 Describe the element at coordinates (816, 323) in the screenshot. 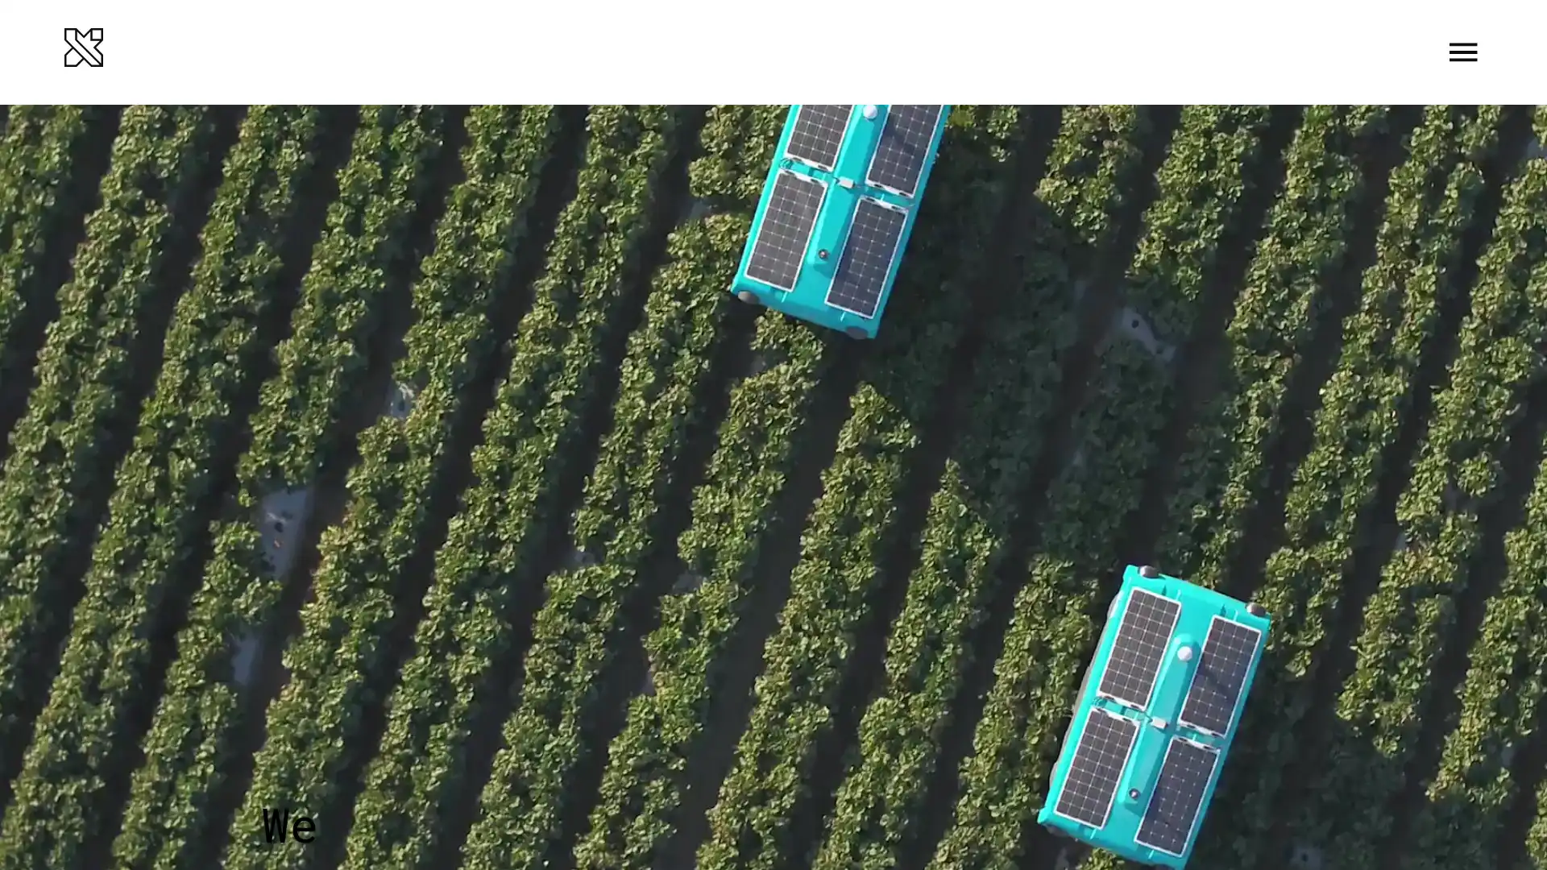

I see `Building everyday robots X announces the Everyday Robot Project, a project whose moonshot is to build robots that can learn to do a range of everyday tasks and ultimately become as helpful to people in the physical world as computers are now in the virtual world.` at that location.